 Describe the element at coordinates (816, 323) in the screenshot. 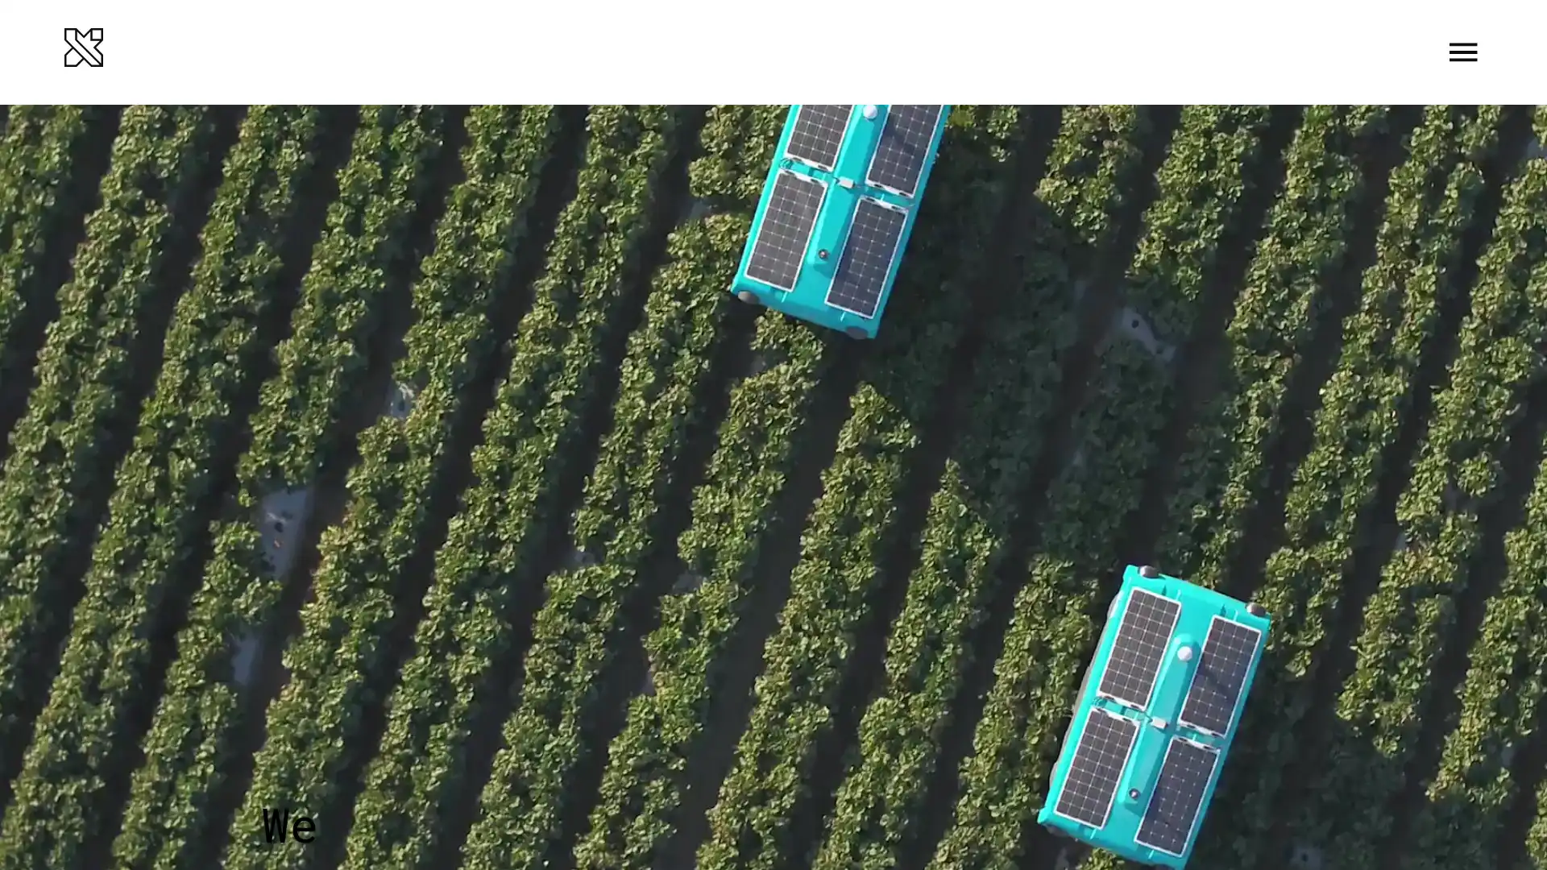

I see `Building everyday robots X announces the Everyday Robot Project, a project whose moonshot is to build robots that can learn to do a range of everyday tasks and ultimately become as helpful to people in the physical world as computers are now in the virtual world.` at that location.